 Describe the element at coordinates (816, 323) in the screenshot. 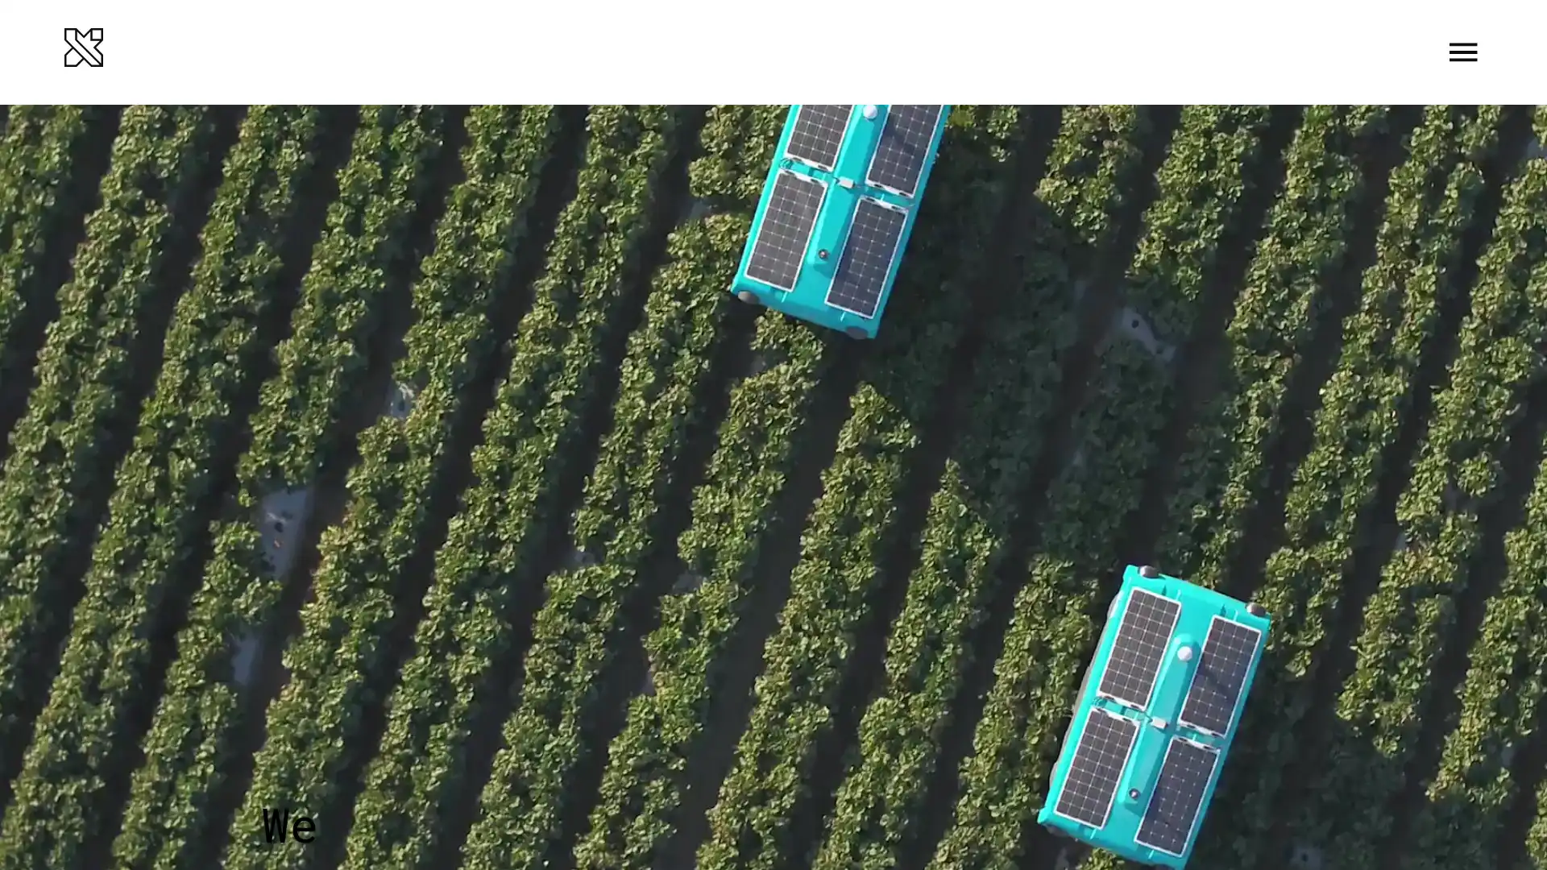

I see `Building everyday robots X announces the Everyday Robot Project, a project whose moonshot is to build robots that can learn to do a range of everyday tasks and ultimately become as helpful to people in the physical world as computers are now in the virtual world.` at that location.